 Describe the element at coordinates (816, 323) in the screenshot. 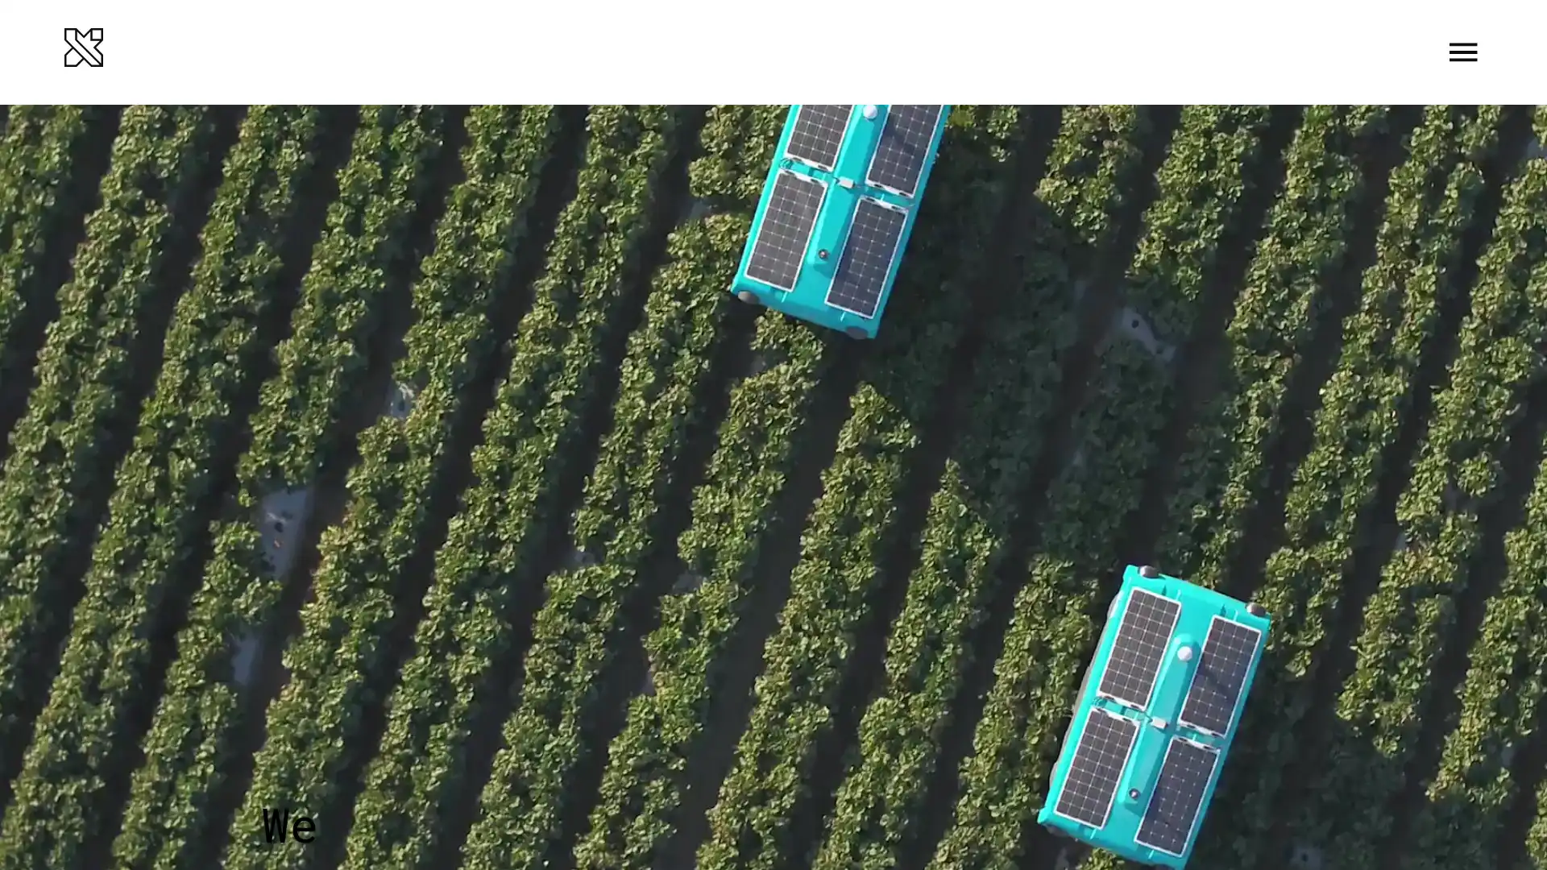

I see `Building everyday robots X announces the Everyday Robot Project, a project whose moonshot is to build robots that can learn to do a range of everyday tasks and ultimately become as helpful to people in the physical world as computers are now in the virtual world.` at that location.